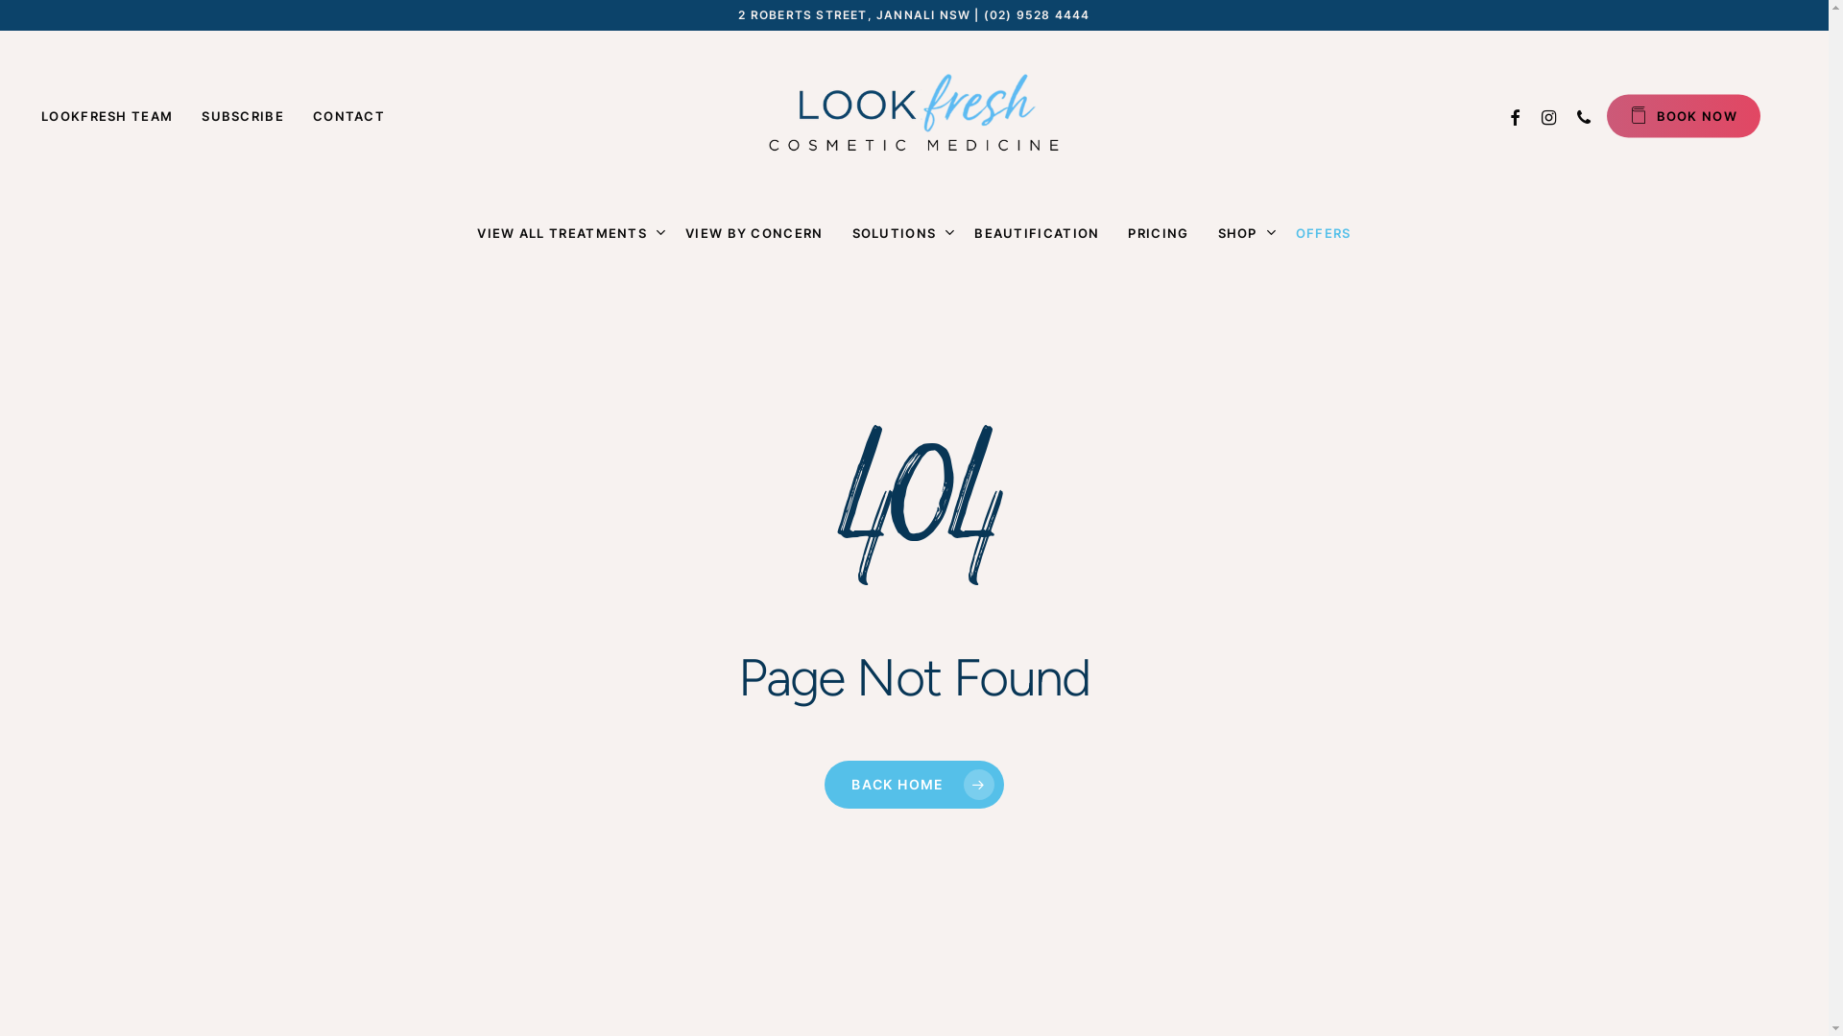 The image size is (1843, 1036). Describe the element at coordinates (1683, 115) in the screenshot. I see `'BOOK NOW'` at that location.